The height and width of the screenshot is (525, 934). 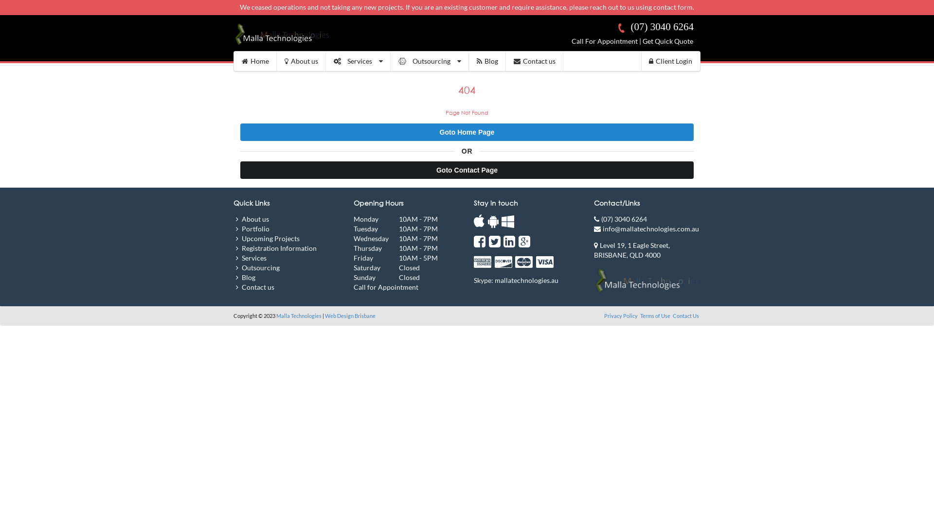 What do you see at coordinates (350, 315) in the screenshot?
I see `'Web Design Brisbane'` at bounding box center [350, 315].